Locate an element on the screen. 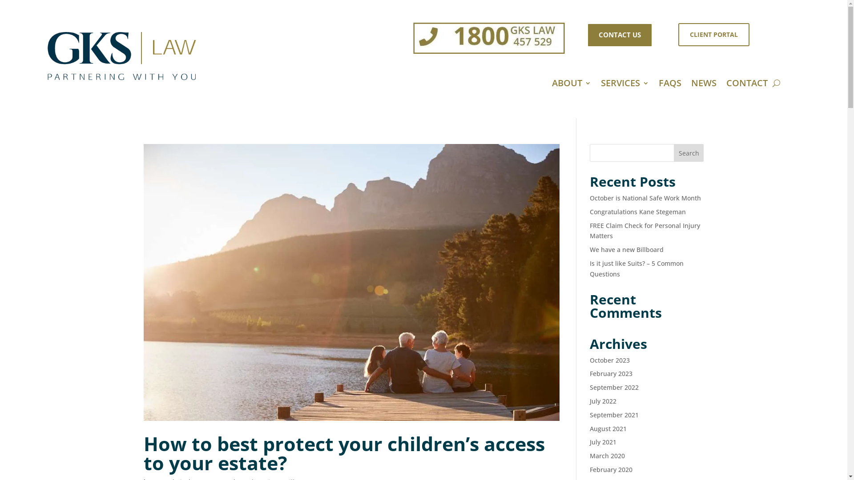 The height and width of the screenshot is (480, 854). 'ABOUT' is located at coordinates (572, 85).